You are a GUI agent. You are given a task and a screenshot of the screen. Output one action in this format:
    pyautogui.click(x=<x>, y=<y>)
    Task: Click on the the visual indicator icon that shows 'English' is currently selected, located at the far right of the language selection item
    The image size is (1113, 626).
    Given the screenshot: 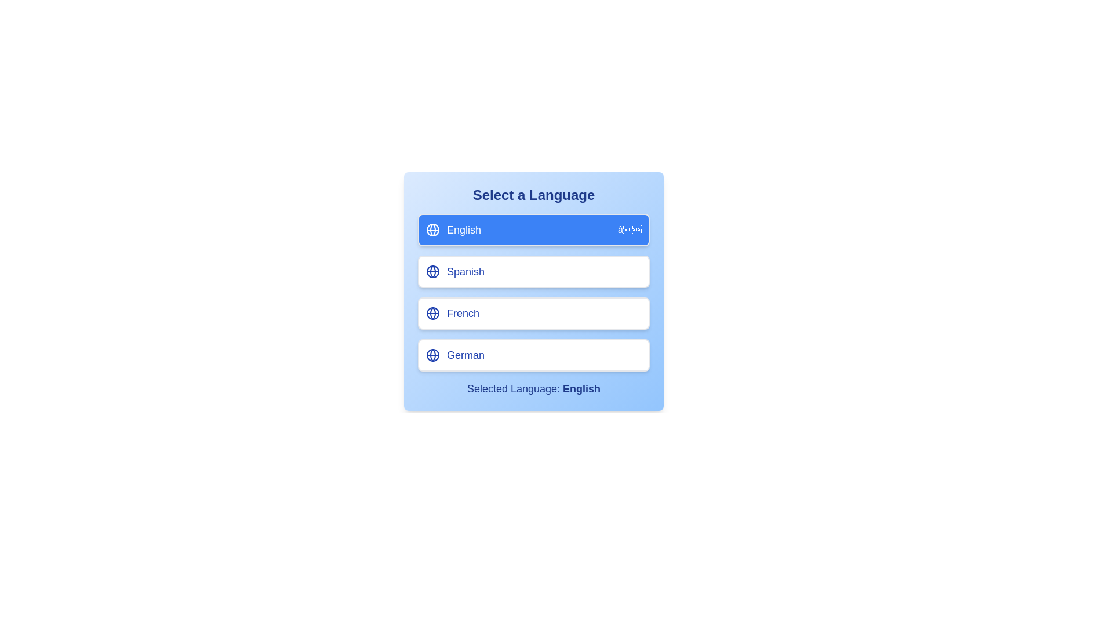 What is the action you would take?
    pyautogui.click(x=629, y=230)
    